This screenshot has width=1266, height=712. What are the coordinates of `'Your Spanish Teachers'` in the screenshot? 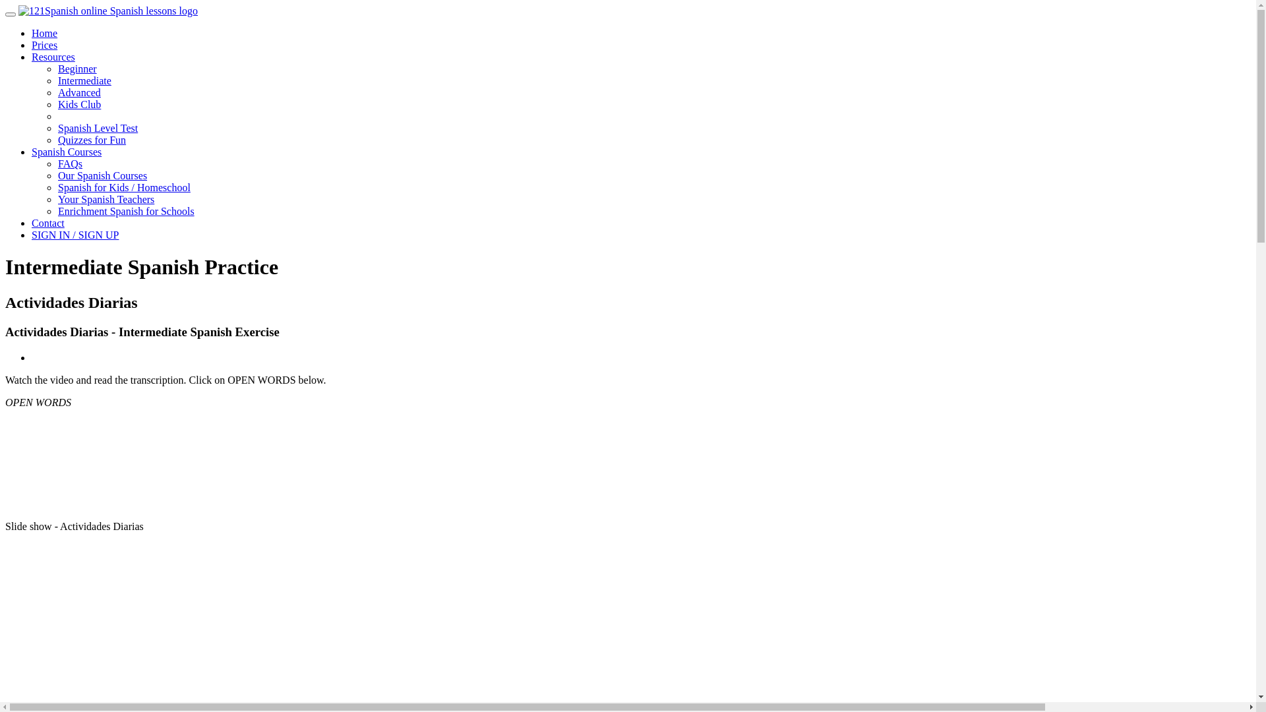 It's located at (106, 199).